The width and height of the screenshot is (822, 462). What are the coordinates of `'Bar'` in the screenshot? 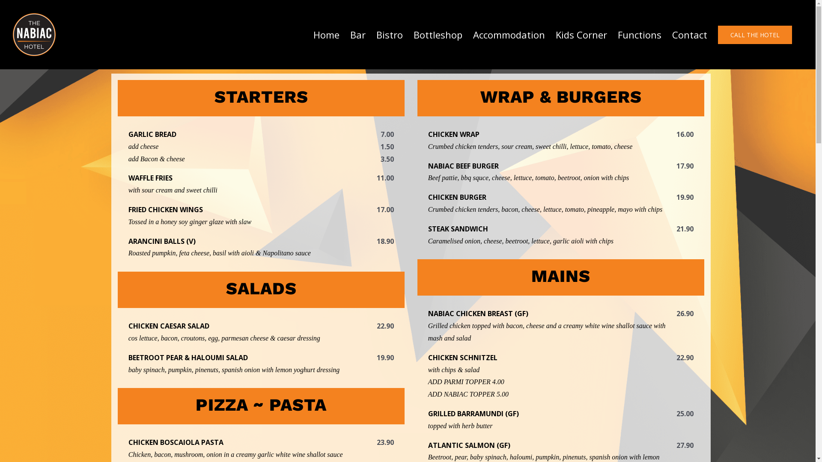 It's located at (350, 34).